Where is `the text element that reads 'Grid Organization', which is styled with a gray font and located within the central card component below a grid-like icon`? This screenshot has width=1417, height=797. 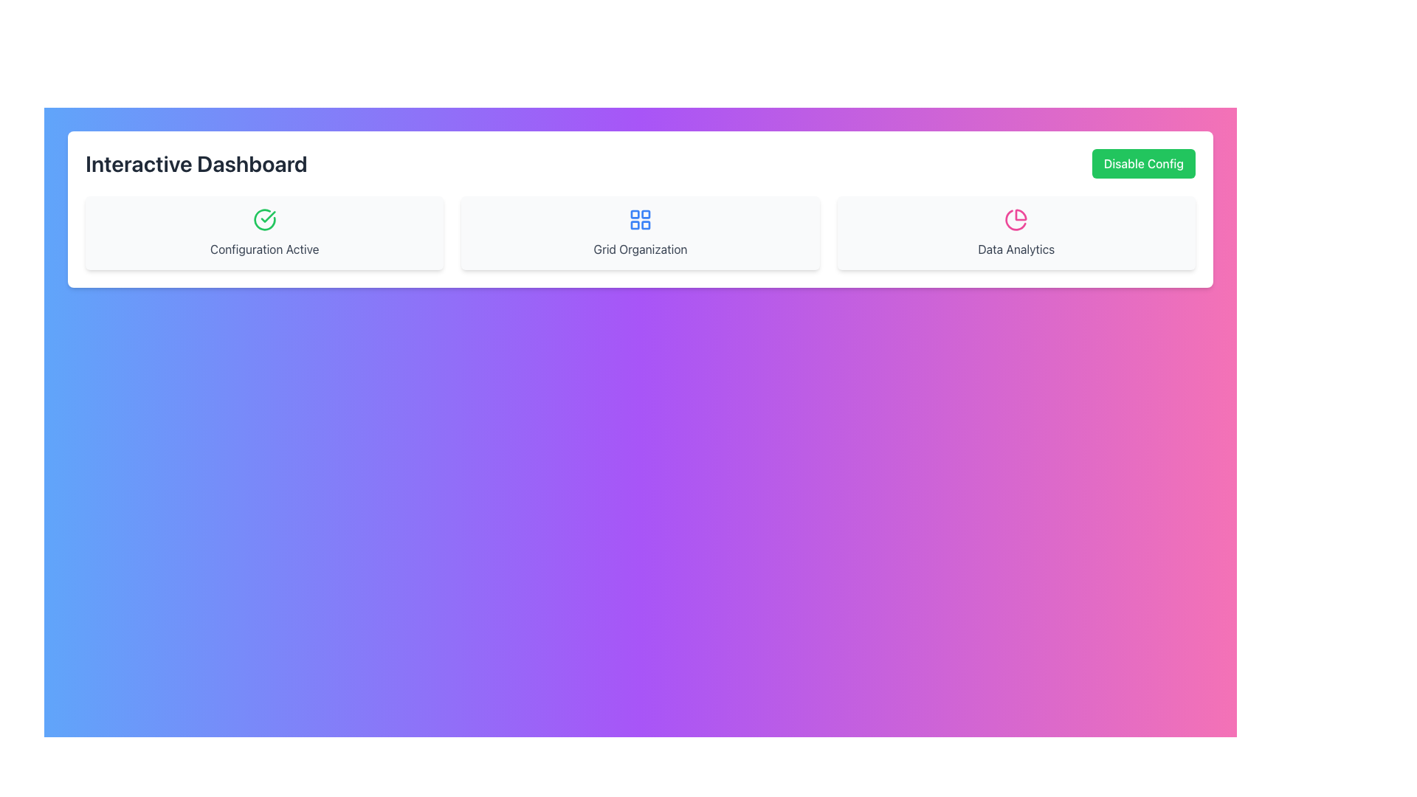 the text element that reads 'Grid Organization', which is styled with a gray font and located within the central card component below a grid-like icon is located at coordinates (641, 249).